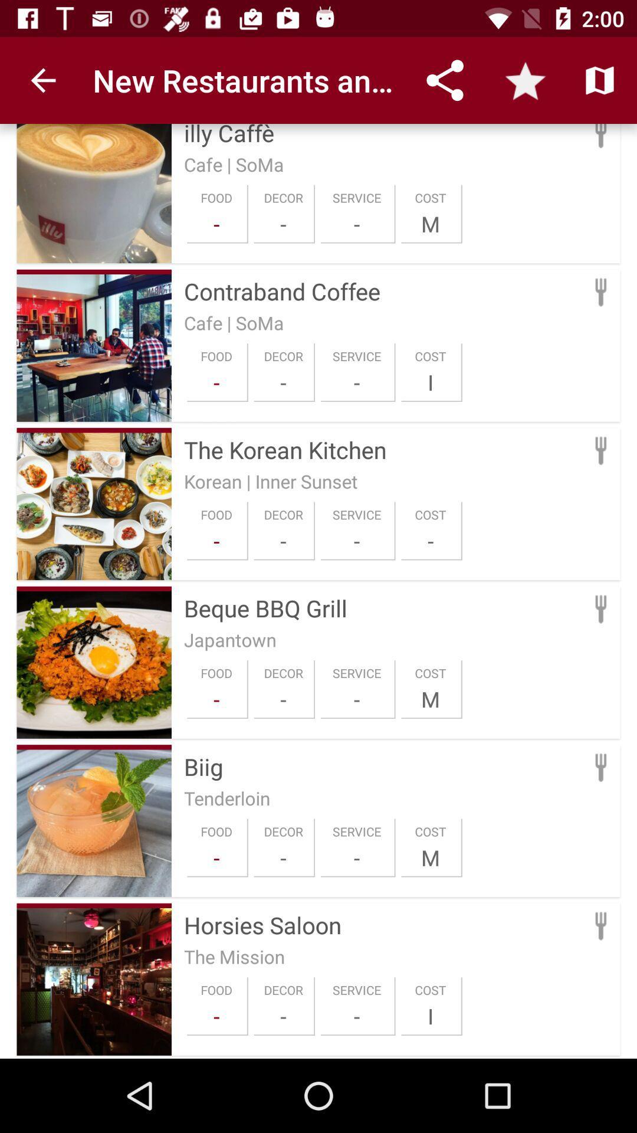  What do you see at coordinates (230, 639) in the screenshot?
I see `the japantown icon` at bounding box center [230, 639].